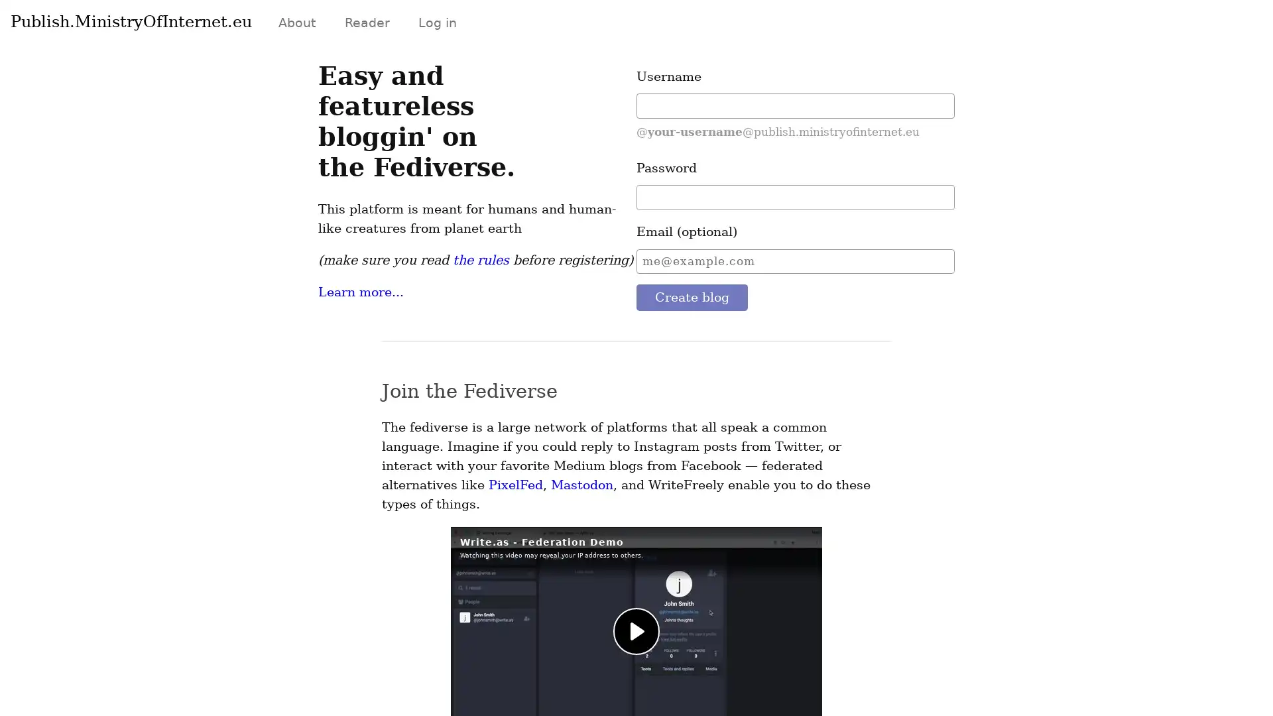 The height and width of the screenshot is (716, 1273). Describe the element at coordinates (692, 298) in the screenshot. I see `Create blog` at that location.